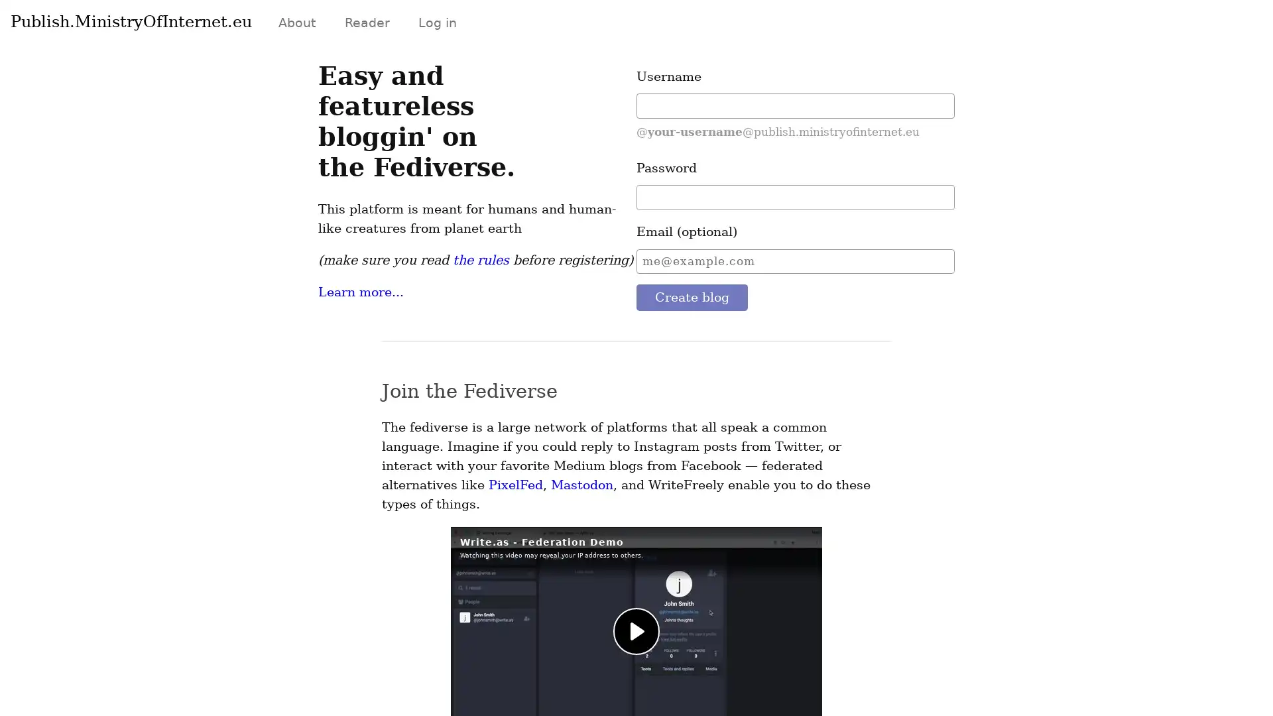 The height and width of the screenshot is (716, 1273). Describe the element at coordinates (692, 298) in the screenshot. I see `Create blog` at that location.